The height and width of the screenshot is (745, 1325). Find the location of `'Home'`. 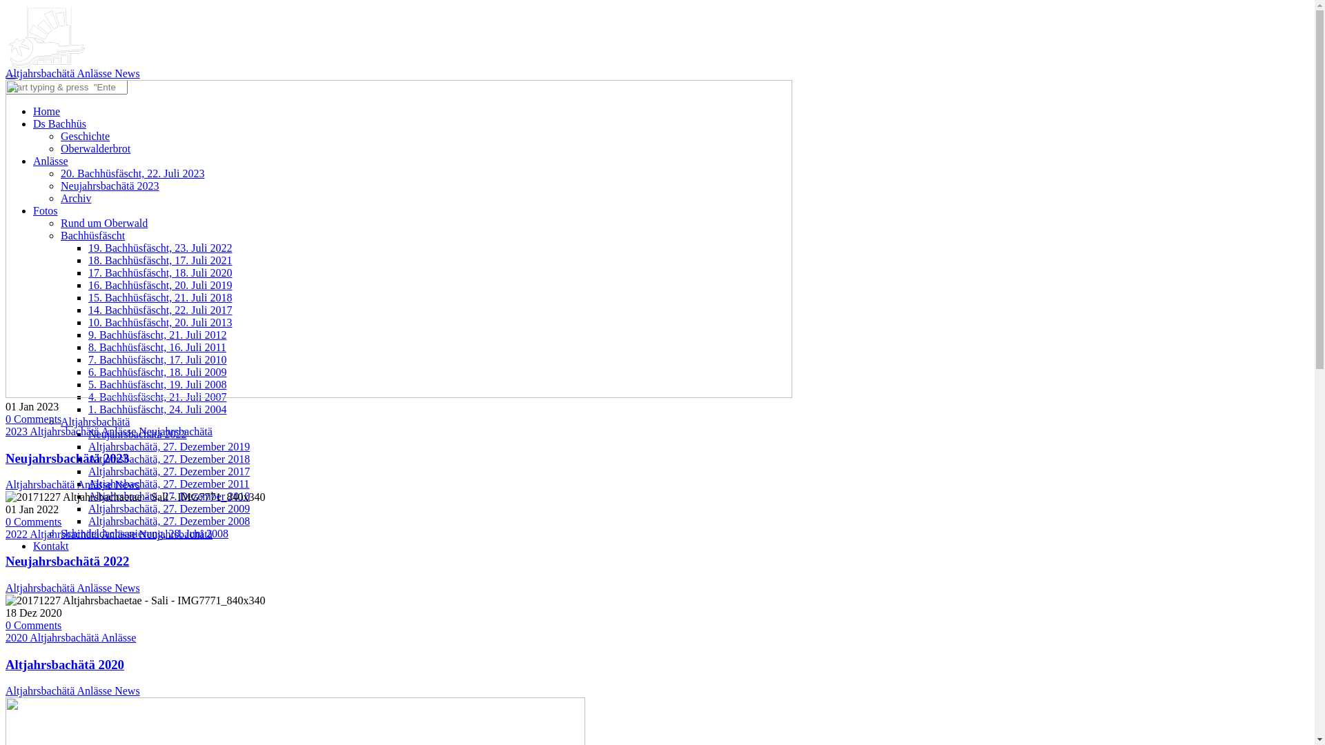

'Home' is located at coordinates (46, 110).